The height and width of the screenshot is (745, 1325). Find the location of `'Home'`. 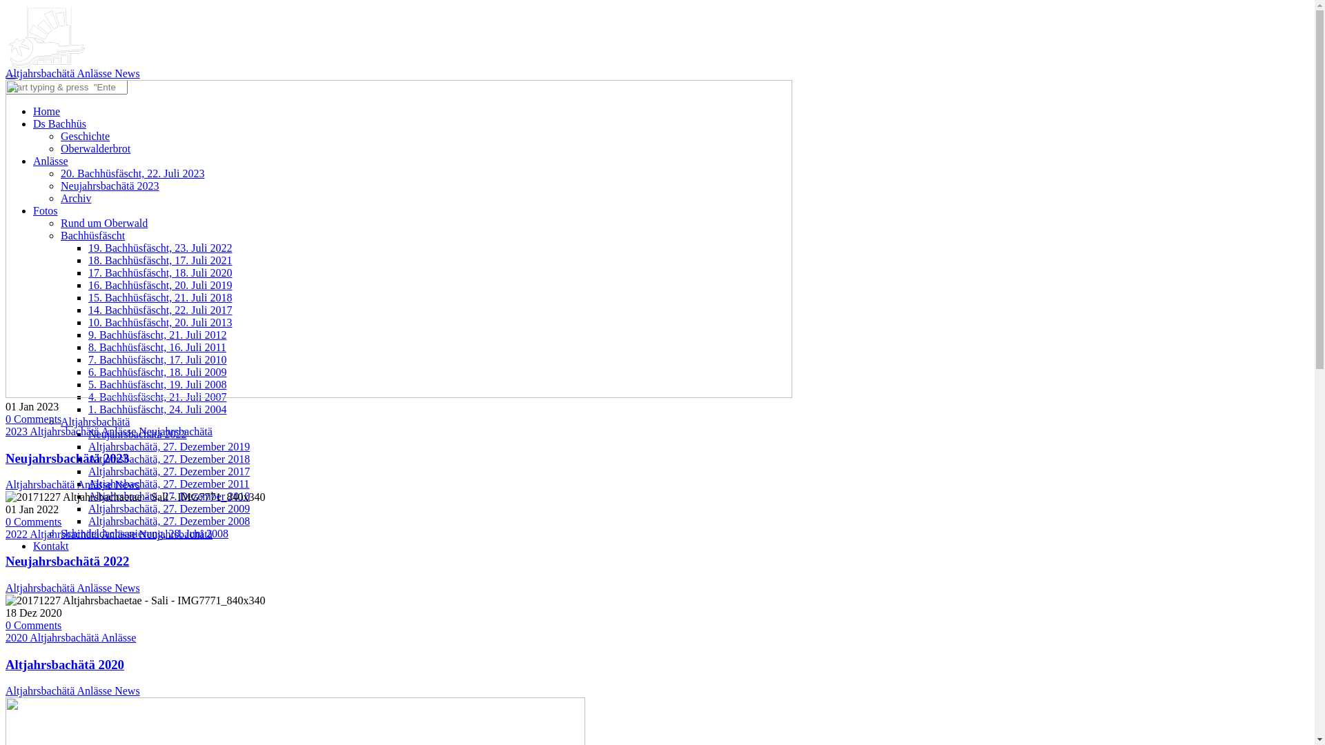

'Home' is located at coordinates (46, 110).